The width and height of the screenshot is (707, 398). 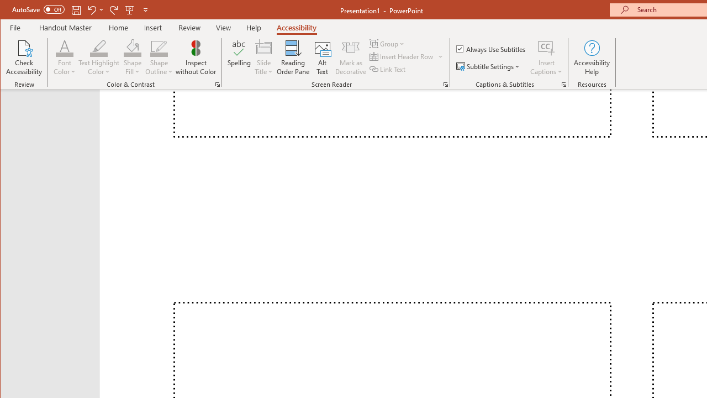 What do you see at coordinates (322, 57) in the screenshot?
I see `'Alt Text'` at bounding box center [322, 57].